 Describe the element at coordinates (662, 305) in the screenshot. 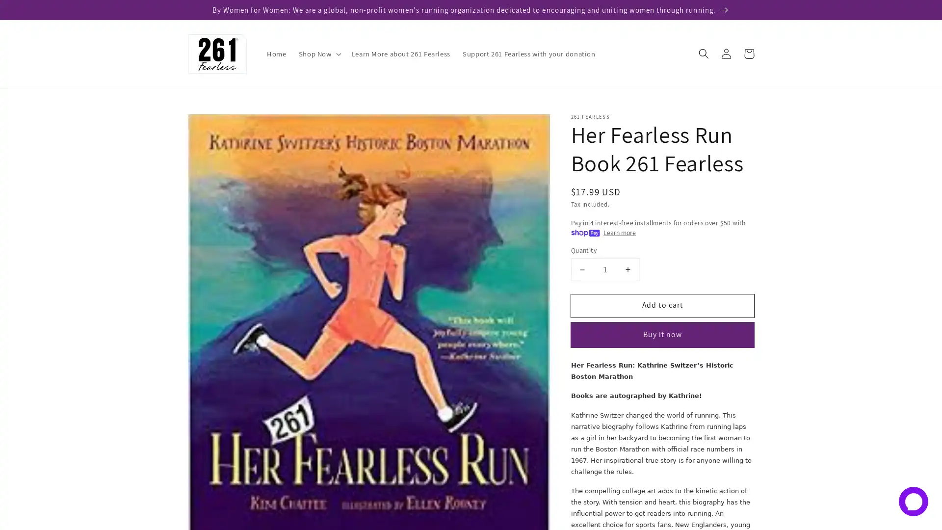

I see `Add to cart` at that location.